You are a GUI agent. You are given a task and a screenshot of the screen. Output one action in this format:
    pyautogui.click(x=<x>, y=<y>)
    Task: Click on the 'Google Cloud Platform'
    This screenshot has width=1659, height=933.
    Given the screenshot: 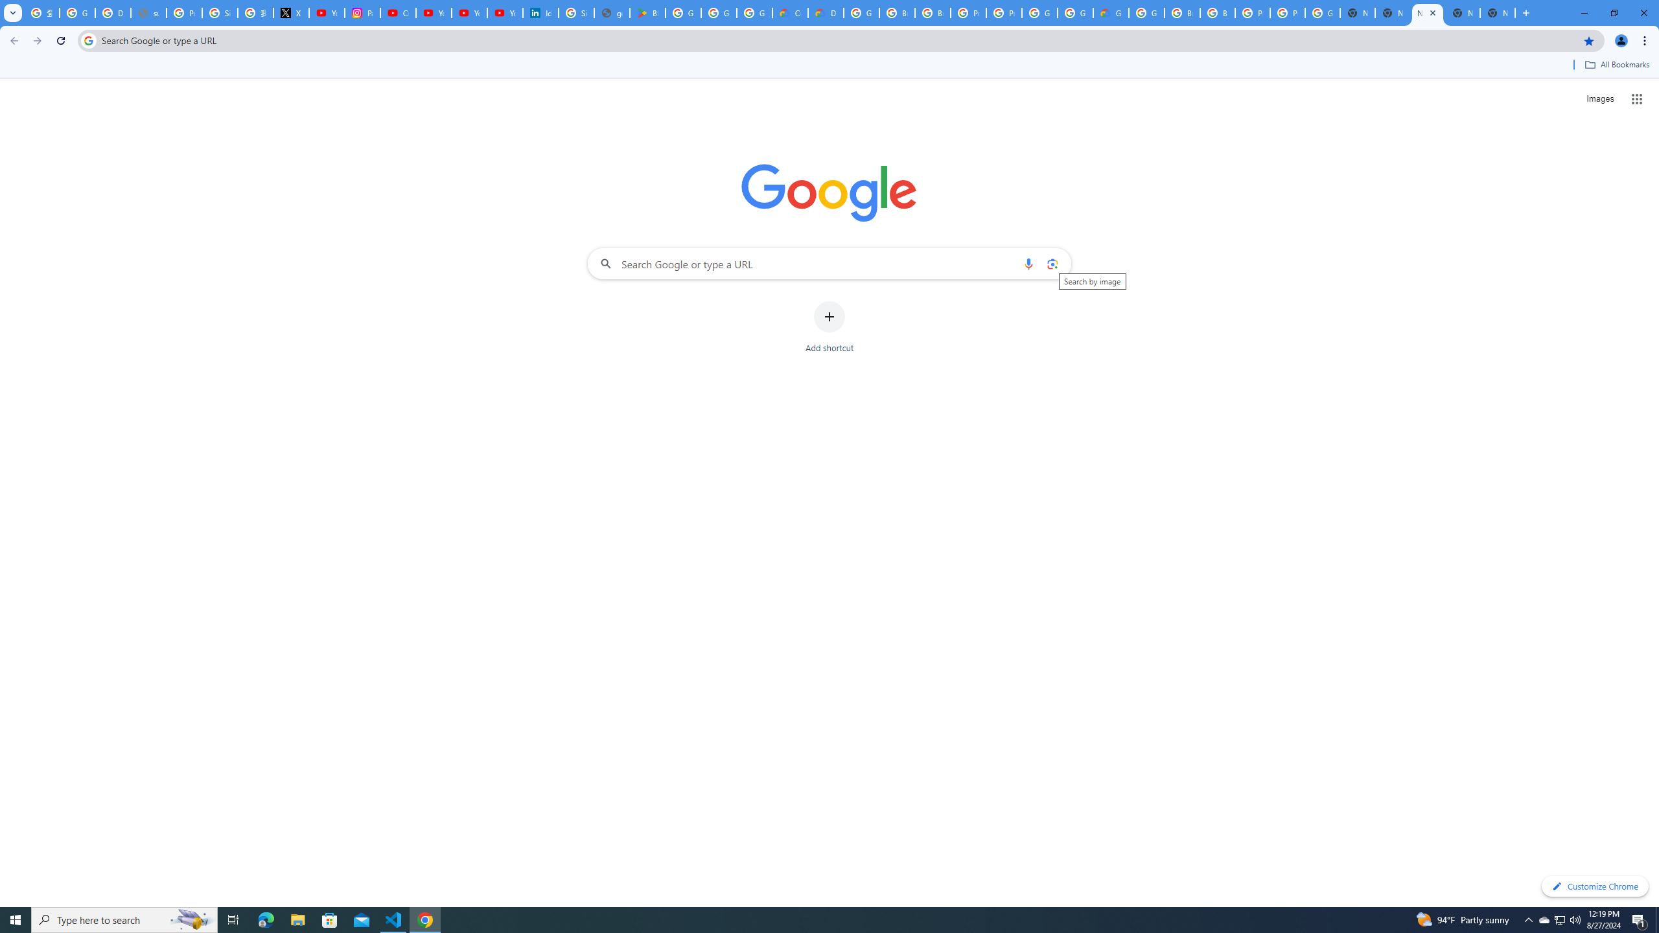 What is the action you would take?
    pyautogui.click(x=1074, y=12)
    